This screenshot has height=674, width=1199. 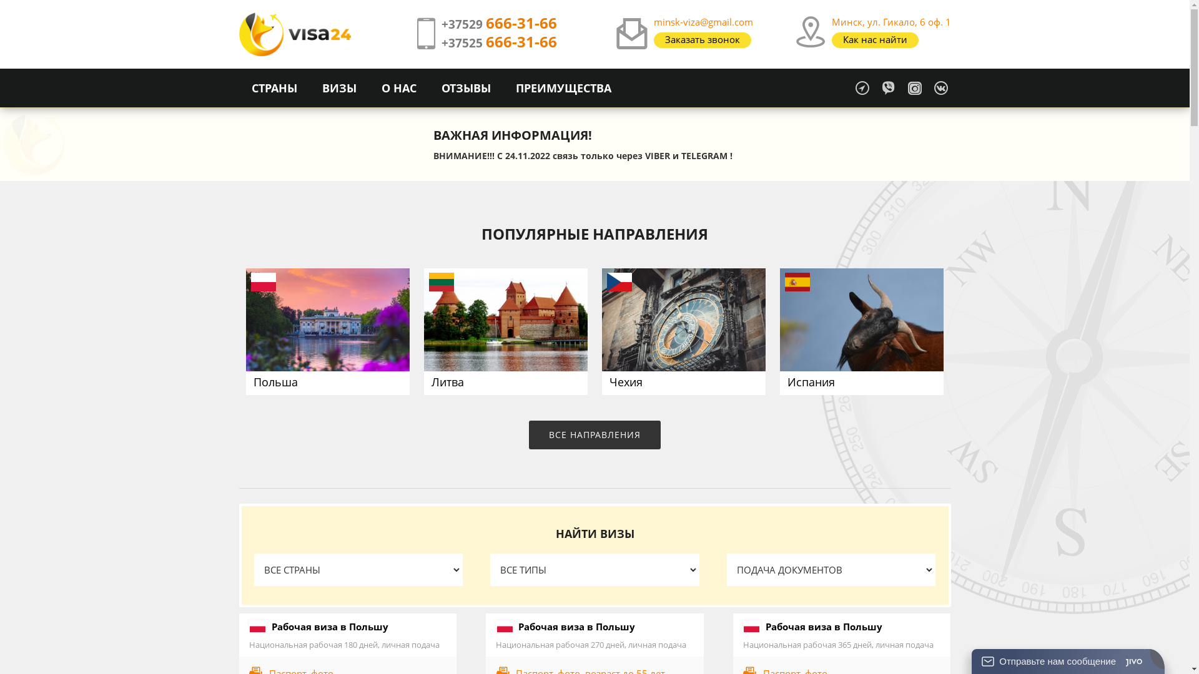 I want to click on '+37525 666-31-66', so click(x=498, y=42).